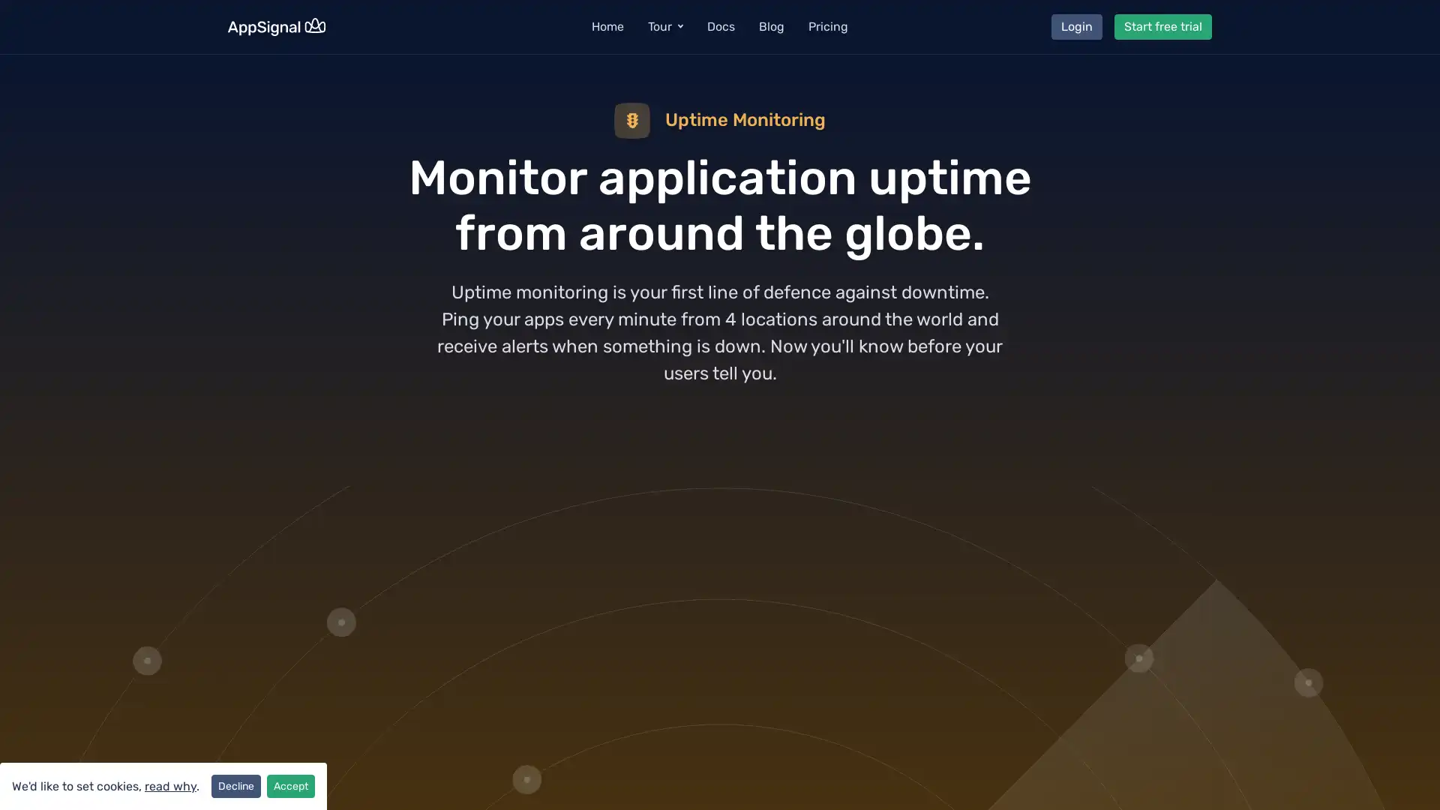  Describe the element at coordinates (235, 785) in the screenshot. I see `Decline` at that location.